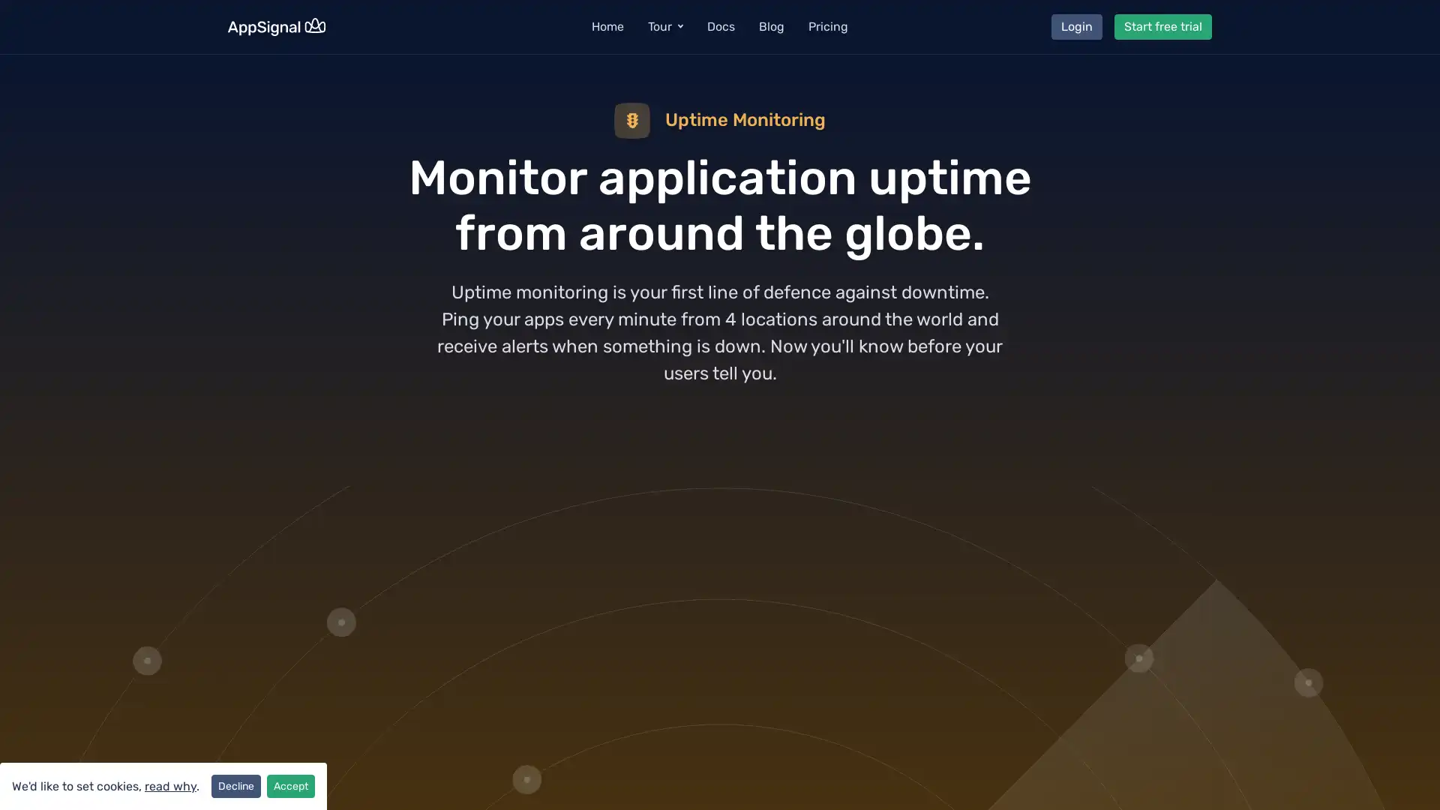  Describe the element at coordinates (235, 785) in the screenshot. I see `Decline` at that location.